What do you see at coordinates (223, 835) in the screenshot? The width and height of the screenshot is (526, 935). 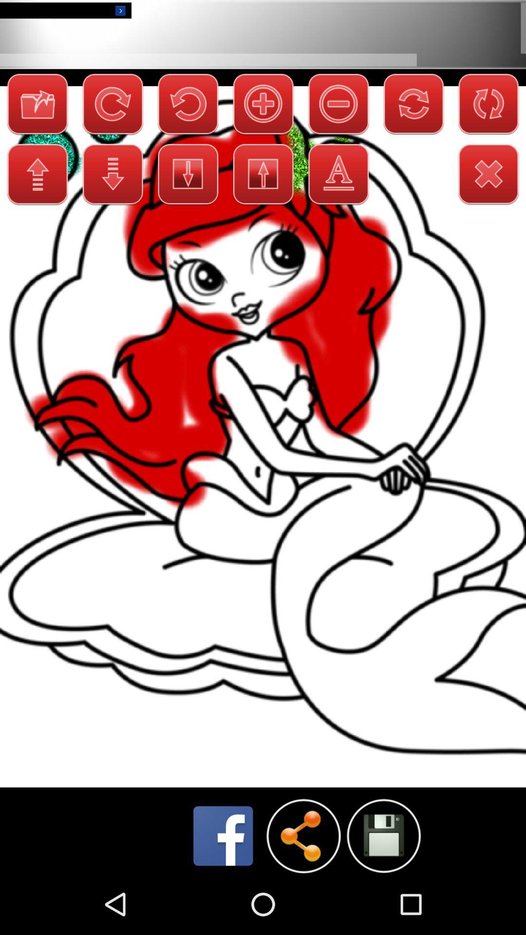 I see `post to facebook` at bounding box center [223, 835].